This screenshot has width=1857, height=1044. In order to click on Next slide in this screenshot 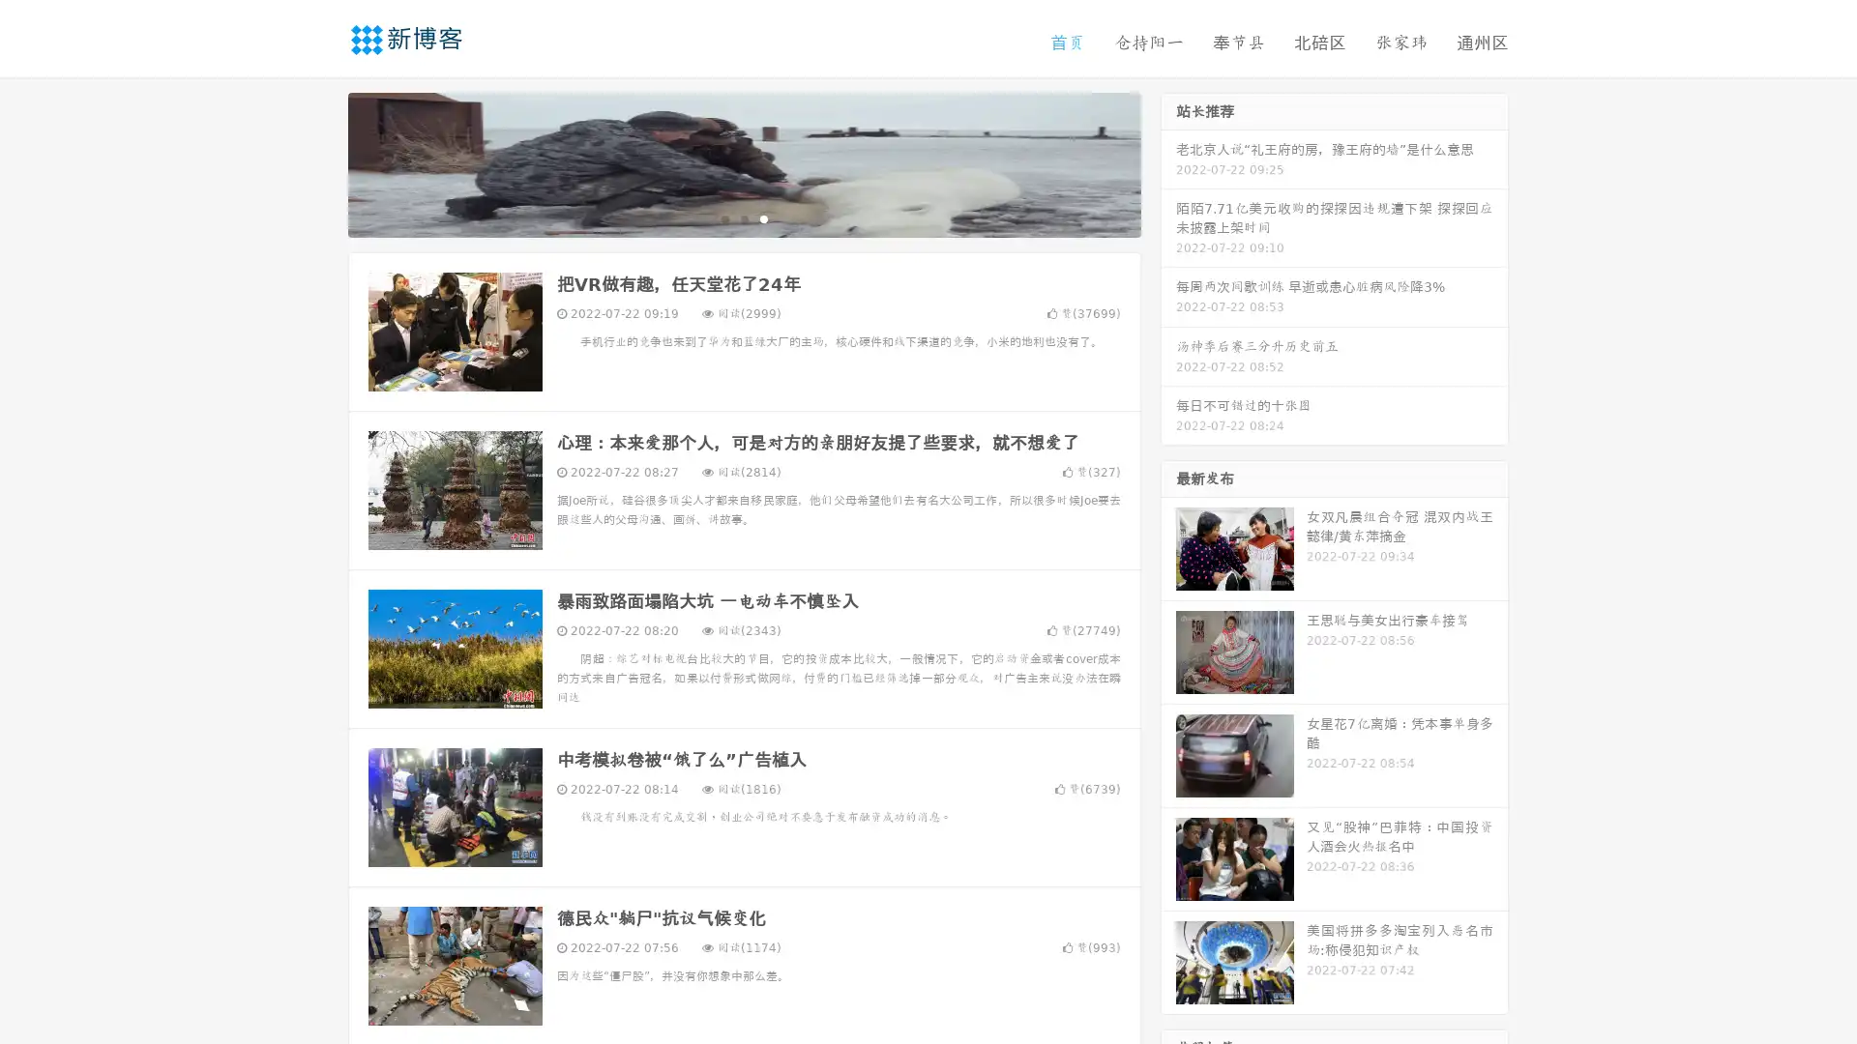, I will do `click(1168, 162)`.